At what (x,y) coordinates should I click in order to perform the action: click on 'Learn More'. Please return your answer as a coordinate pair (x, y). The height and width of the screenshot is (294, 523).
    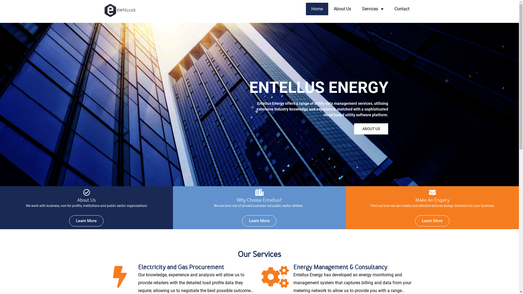
    Looking at the image, I should click on (86, 221).